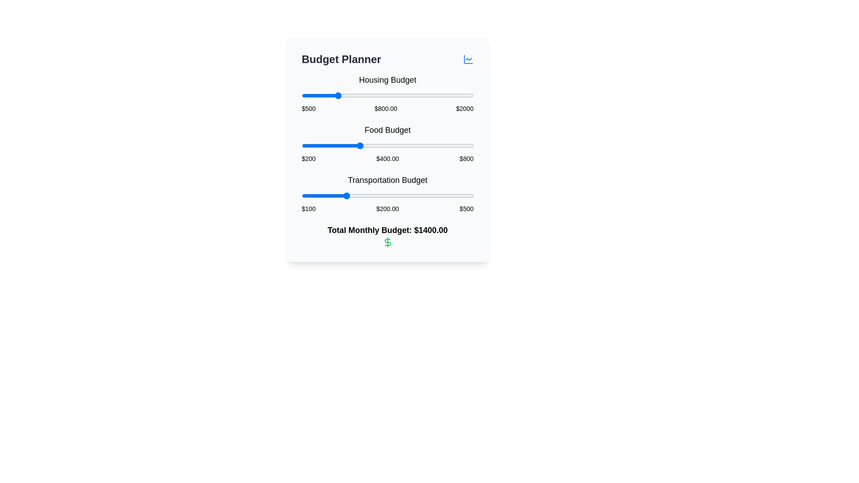 The width and height of the screenshot is (859, 483). I want to click on the transportation budget, so click(457, 195).